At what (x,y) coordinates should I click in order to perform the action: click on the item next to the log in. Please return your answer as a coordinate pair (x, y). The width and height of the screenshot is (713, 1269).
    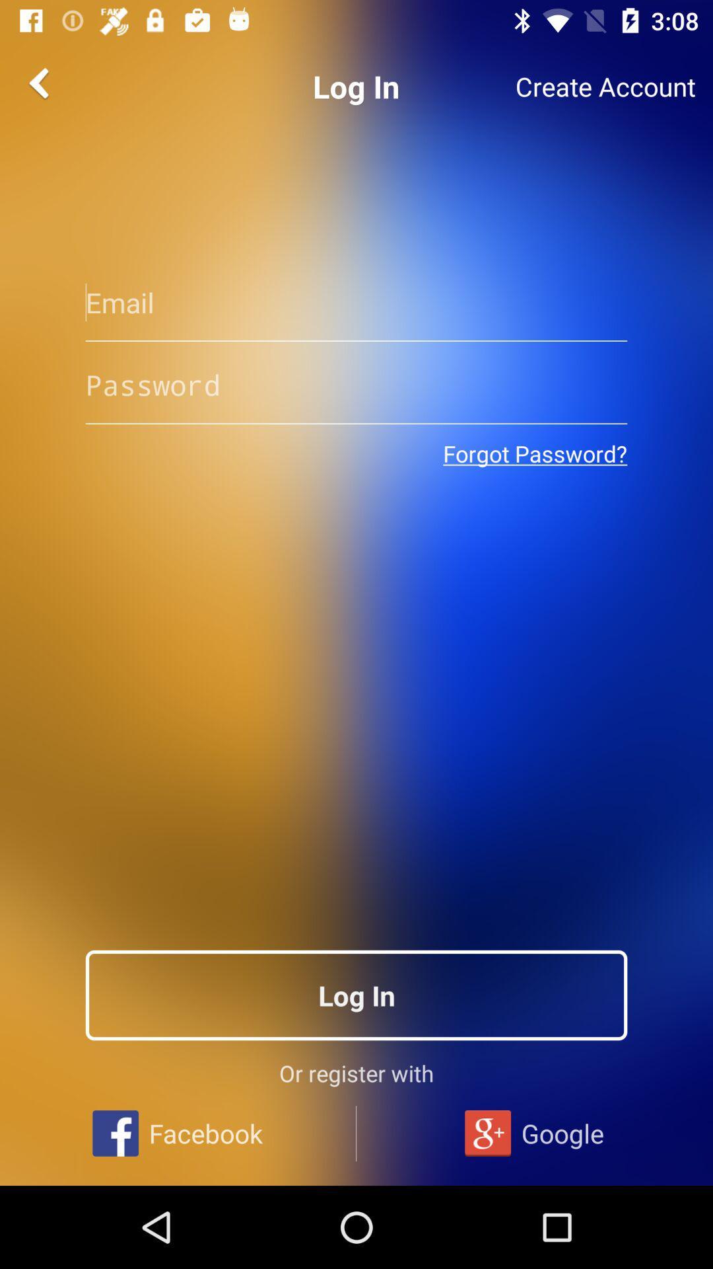
    Looking at the image, I should click on (40, 82).